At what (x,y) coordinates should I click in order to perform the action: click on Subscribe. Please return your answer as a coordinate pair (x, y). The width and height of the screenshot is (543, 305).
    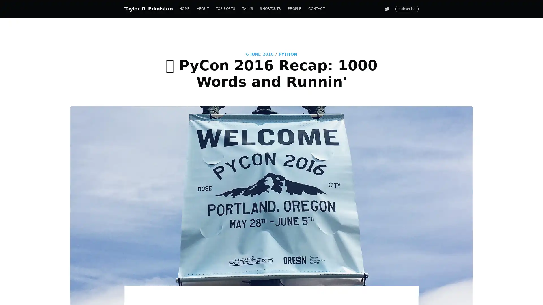
    Looking at the image, I should click on (323, 173).